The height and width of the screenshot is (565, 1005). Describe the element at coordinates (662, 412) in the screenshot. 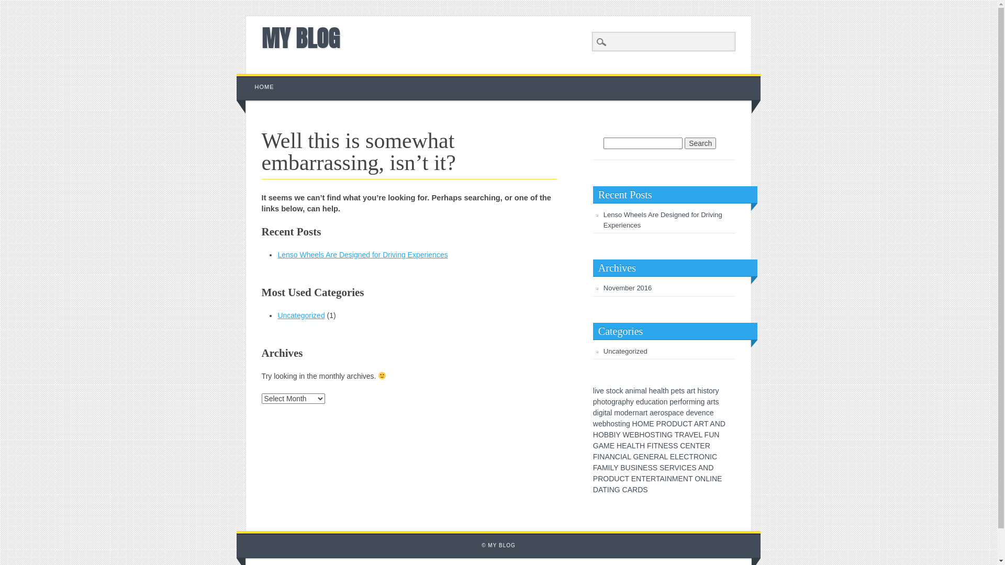

I see `'o'` at that location.